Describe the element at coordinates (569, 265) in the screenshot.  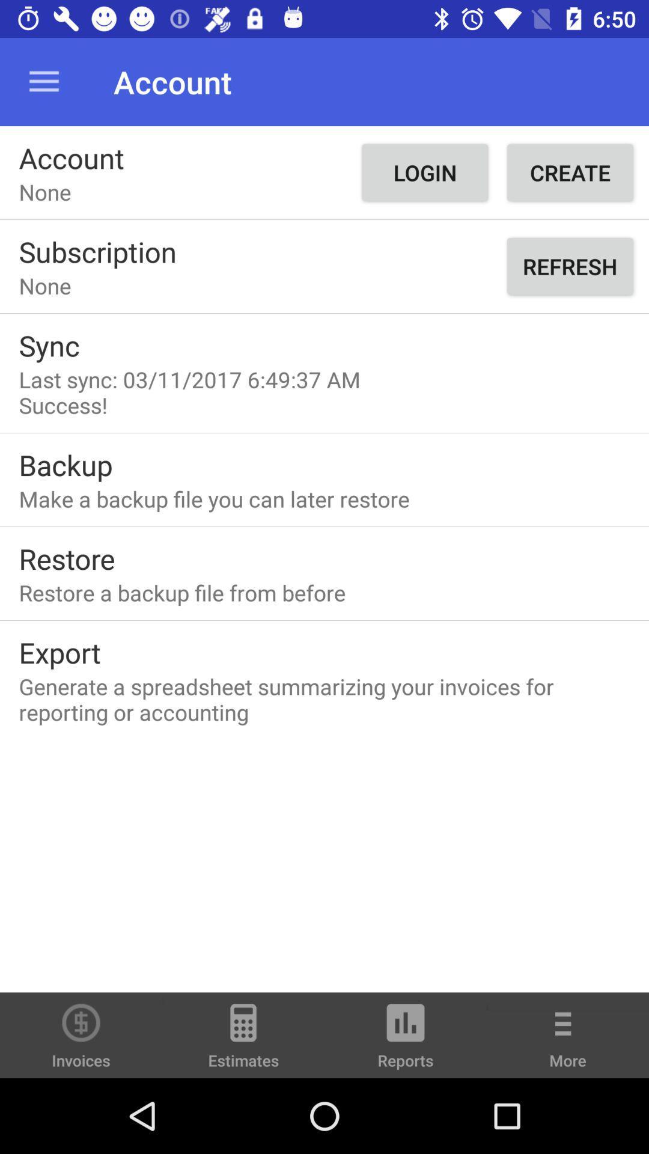
I see `refresh` at that location.